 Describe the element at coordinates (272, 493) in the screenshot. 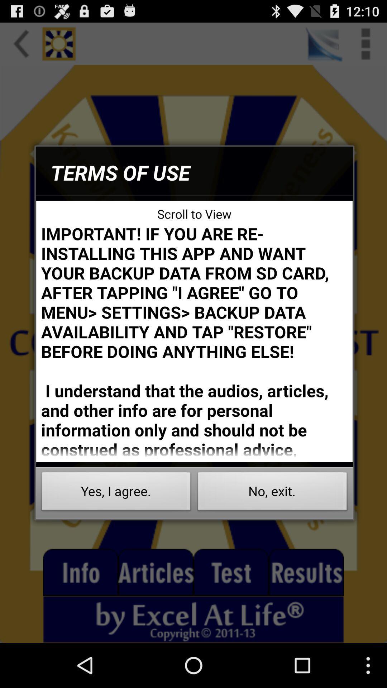

I see `the item to the right of the yes, i agree. item` at that location.